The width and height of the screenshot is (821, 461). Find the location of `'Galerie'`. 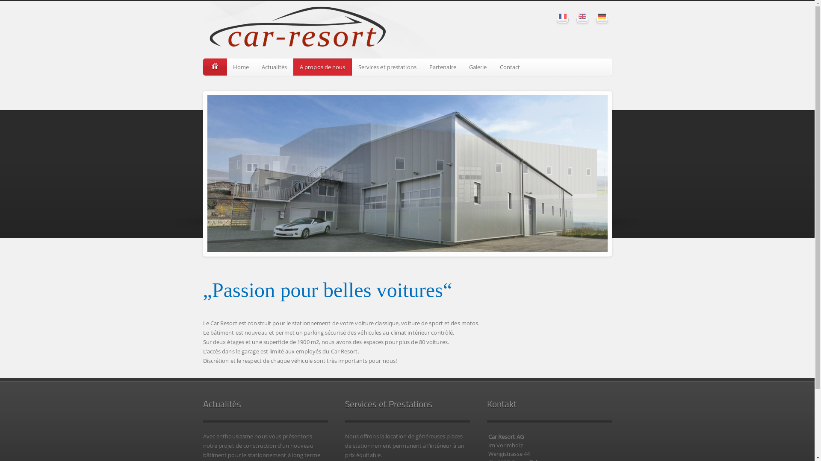

'Galerie' is located at coordinates (462, 67).